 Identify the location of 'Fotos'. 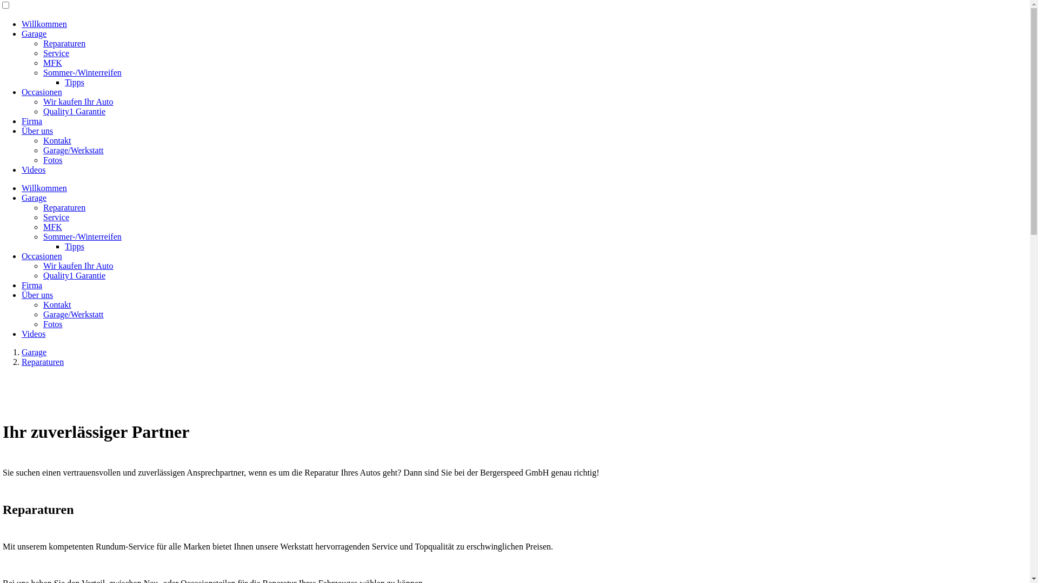
(52, 160).